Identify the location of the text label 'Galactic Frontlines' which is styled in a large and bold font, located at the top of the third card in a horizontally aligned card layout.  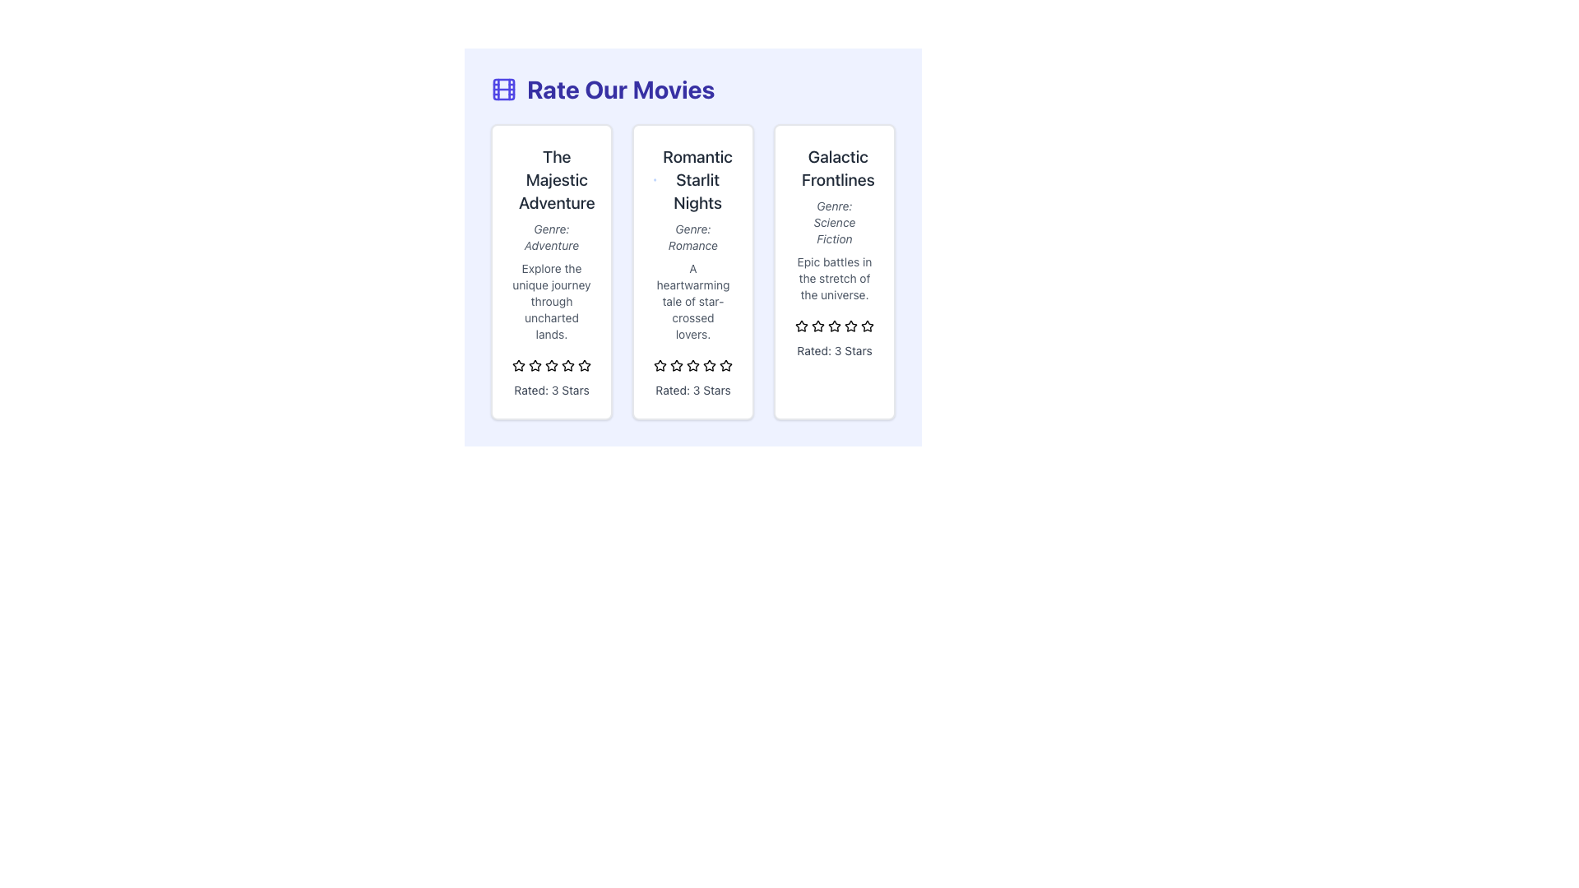
(834, 168).